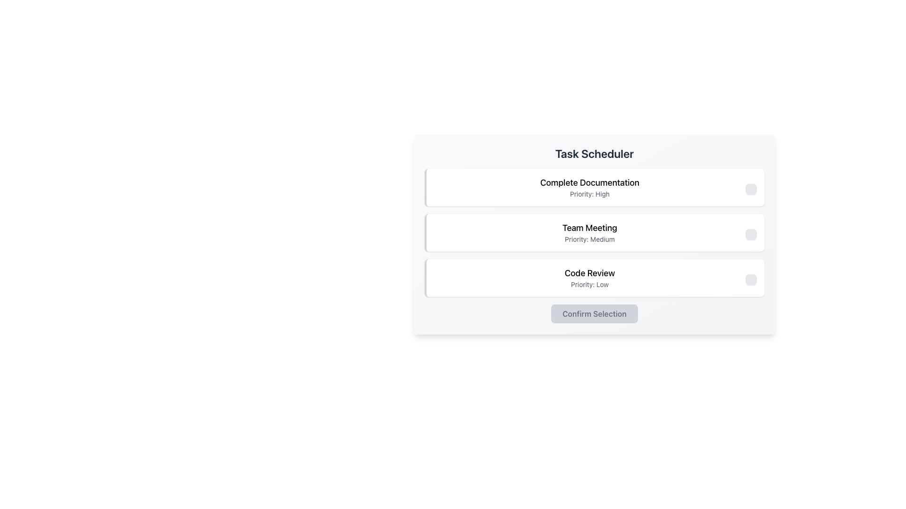  What do you see at coordinates (589, 187) in the screenshot?
I see `to select the first task item in the vertical list of task entries, which is positioned immediately above the 'Team Meeting' task item` at bounding box center [589, 187].